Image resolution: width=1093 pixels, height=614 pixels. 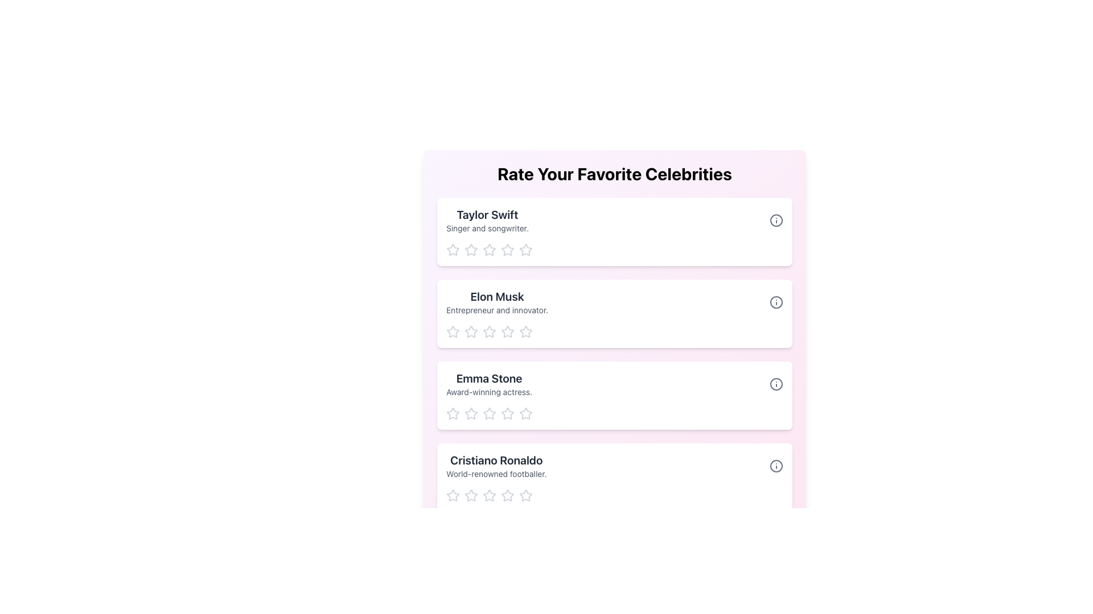 I want to click on the text label displaying 'Singer and songwriter.' which is located below the 'Taylor Swift' title in the 'Rate Your Favorite Celebrities' card, so click(x=487, y=228).